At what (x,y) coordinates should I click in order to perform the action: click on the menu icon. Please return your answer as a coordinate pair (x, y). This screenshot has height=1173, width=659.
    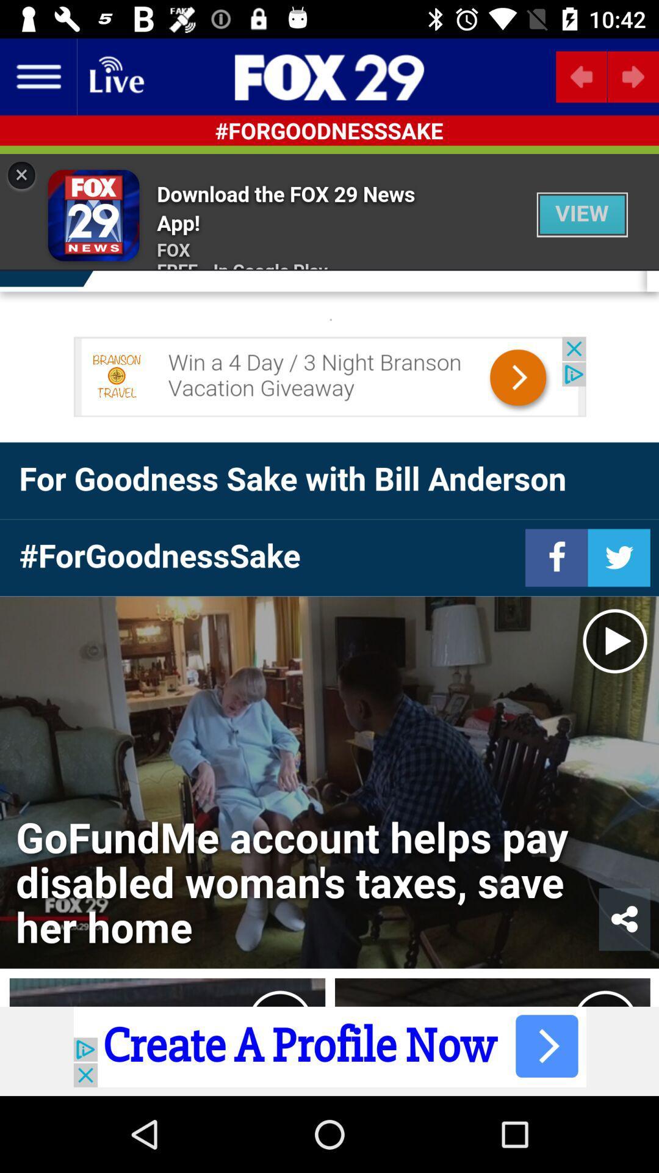
    Looking at the image, I should click on (37, 76).